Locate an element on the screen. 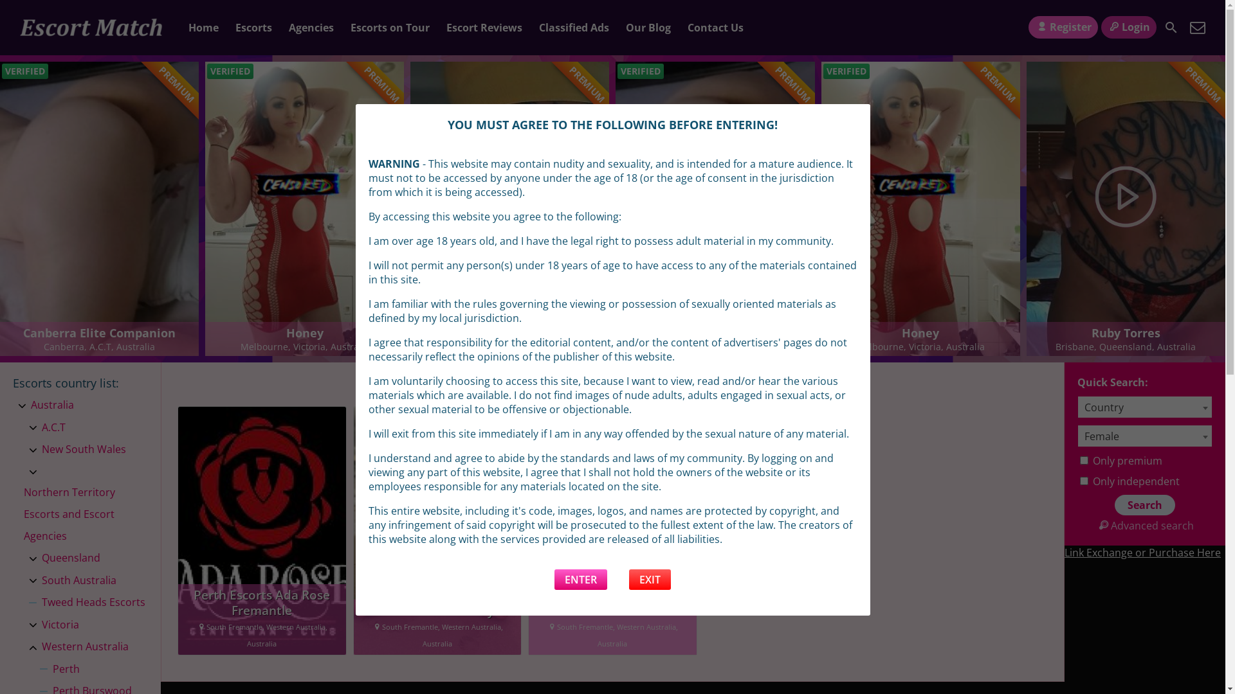  'New South Wales' is located at coordinates (83, 449).